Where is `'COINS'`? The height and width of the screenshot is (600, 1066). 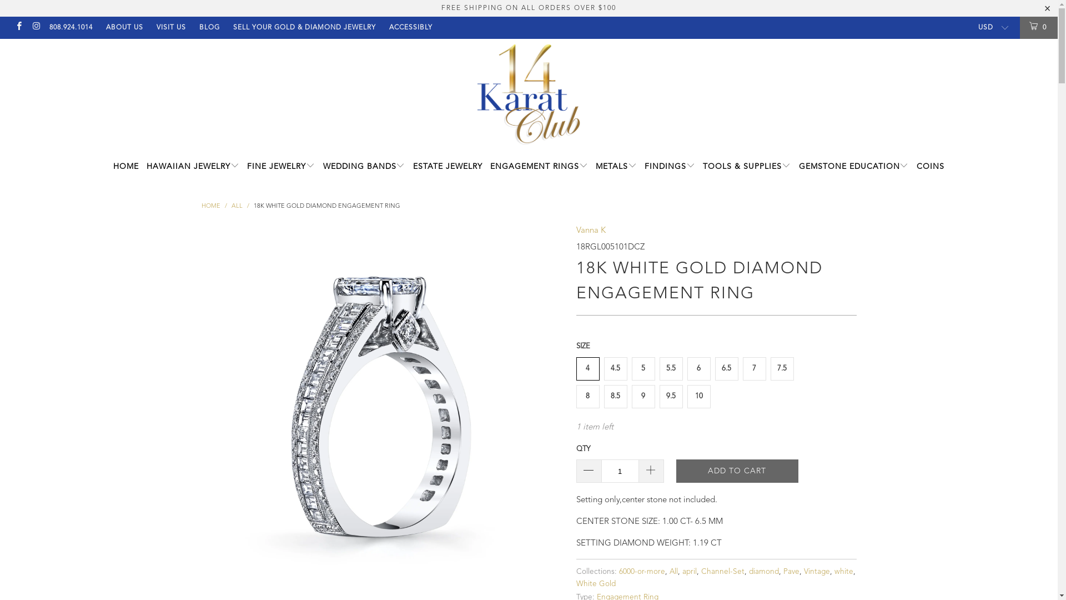
'COINS' is located at coordinates (930, 167).